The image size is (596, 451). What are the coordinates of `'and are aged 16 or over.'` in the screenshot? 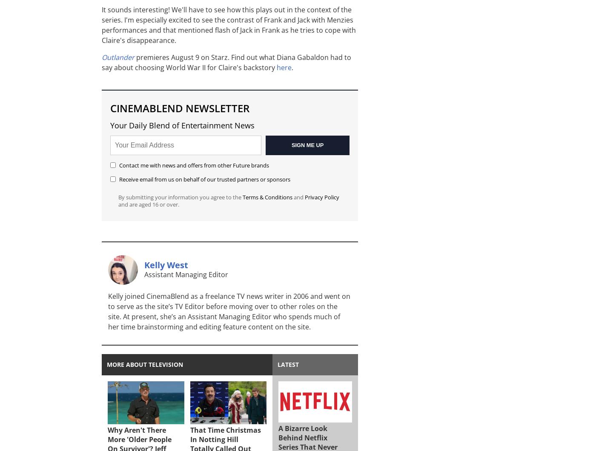 It's located at (149, 204).